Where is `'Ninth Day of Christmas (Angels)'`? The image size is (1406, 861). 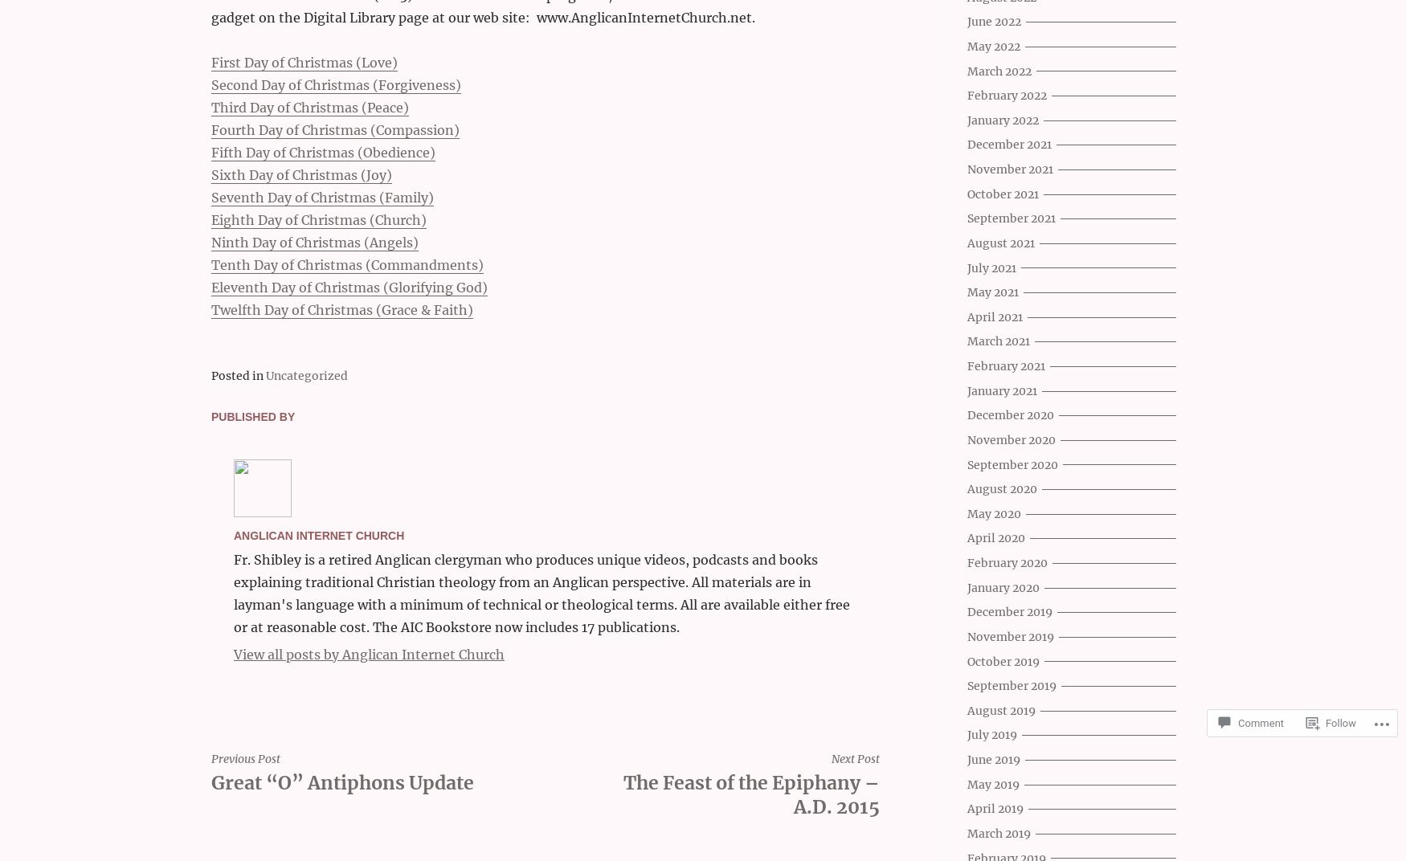 'Ninth Day of Christmas (Angels)' is located at coordinates (314, 241).